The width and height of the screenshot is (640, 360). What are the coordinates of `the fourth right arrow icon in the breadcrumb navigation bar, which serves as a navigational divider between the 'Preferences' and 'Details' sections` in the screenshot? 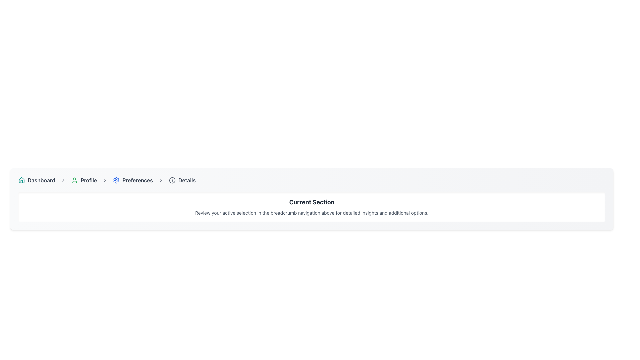 It's located at (161, 180).